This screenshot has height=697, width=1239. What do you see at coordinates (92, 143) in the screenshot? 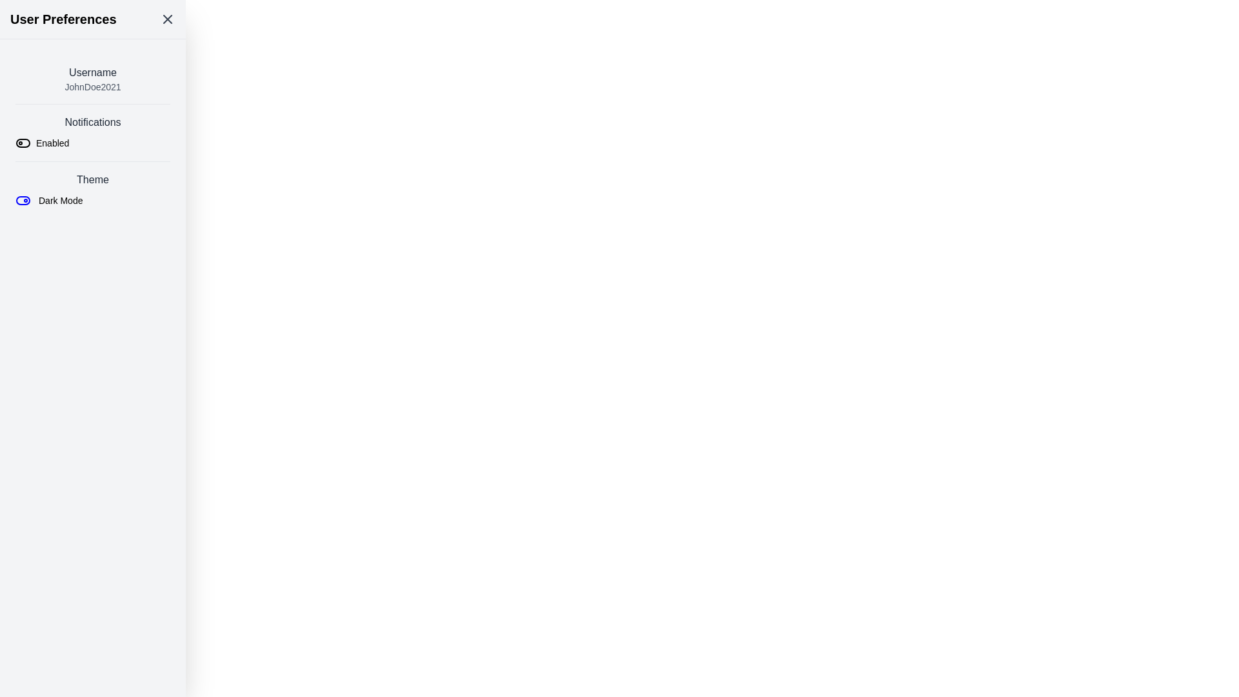
I see `the 'Enabled' toggle switch to change its state, which is part of the 'Notifications' group in the user preferences panel` at bounding box center [92, 143].